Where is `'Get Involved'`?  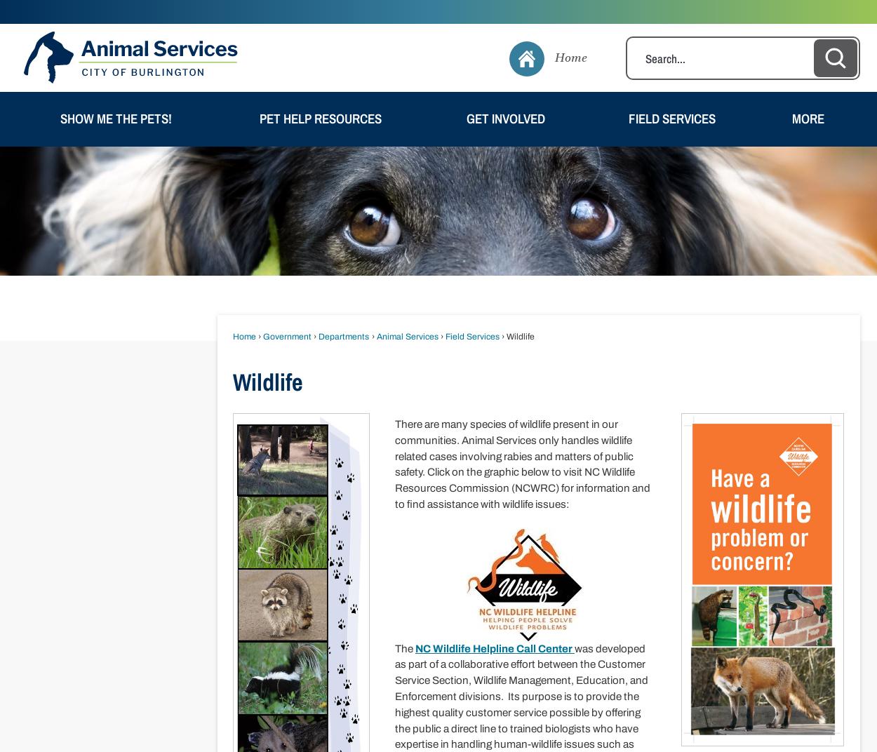 'Get Involved' is located at coordinates (505, 117).